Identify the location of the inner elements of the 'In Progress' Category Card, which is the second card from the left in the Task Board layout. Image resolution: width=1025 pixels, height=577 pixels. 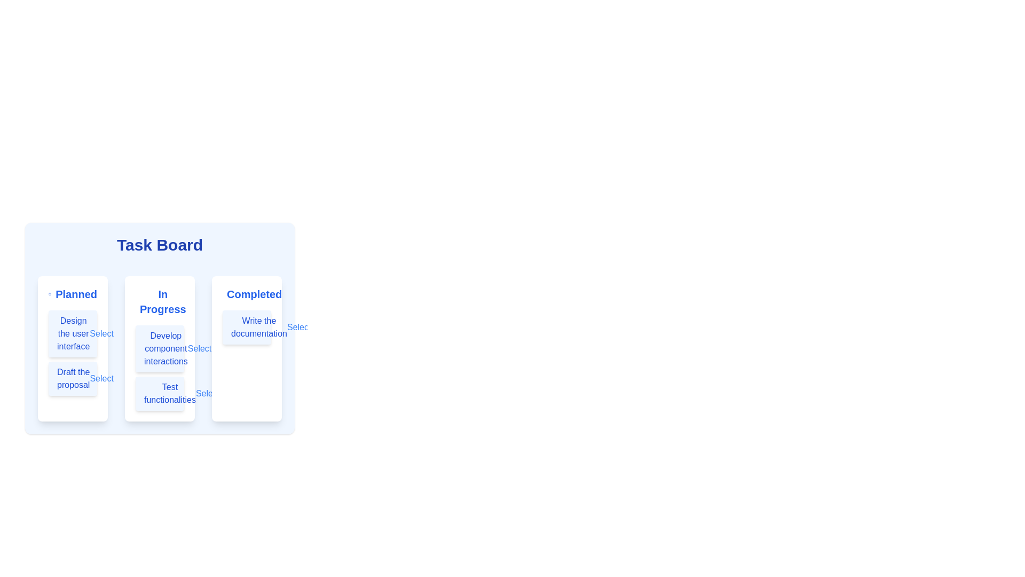
(159, 328).